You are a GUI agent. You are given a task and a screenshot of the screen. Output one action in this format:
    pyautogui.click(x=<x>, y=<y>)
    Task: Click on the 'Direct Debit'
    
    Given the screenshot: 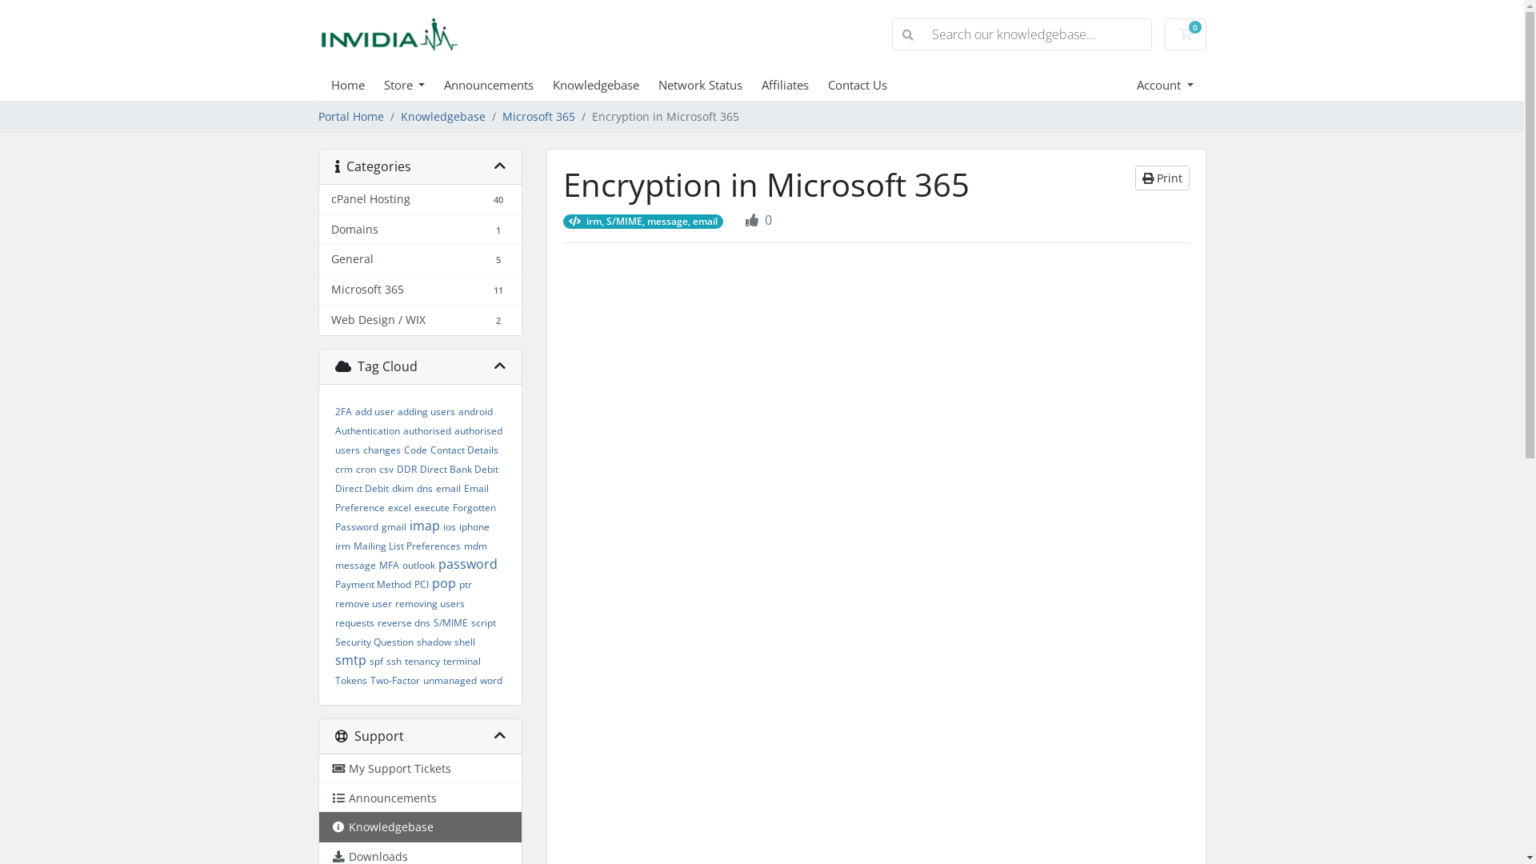 What is the action you would take?
    pyautogui.click(x=360, y=487)
    